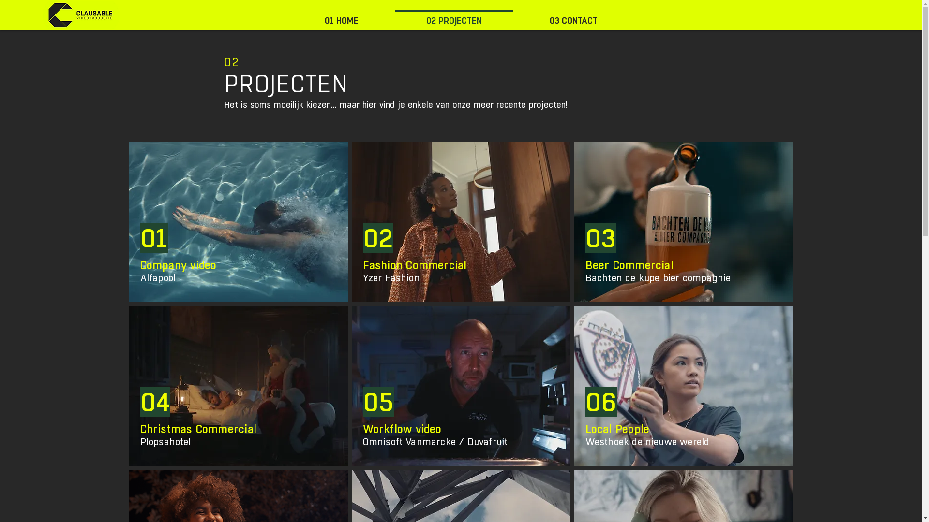 The width and height of the screenshot is (929, 522). I want to click on 'Company video', so click(179, 265).